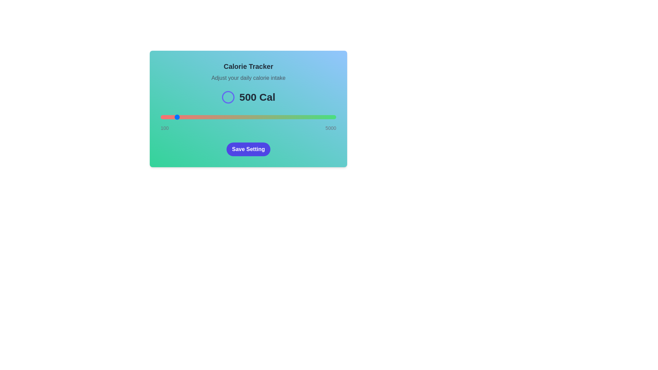 The image size is (658, 370). What do you see at coordinates (206, 117) in the screenshot?
I see `the calorie intake slider to 1378 calories` at bounding box center [206, 117].